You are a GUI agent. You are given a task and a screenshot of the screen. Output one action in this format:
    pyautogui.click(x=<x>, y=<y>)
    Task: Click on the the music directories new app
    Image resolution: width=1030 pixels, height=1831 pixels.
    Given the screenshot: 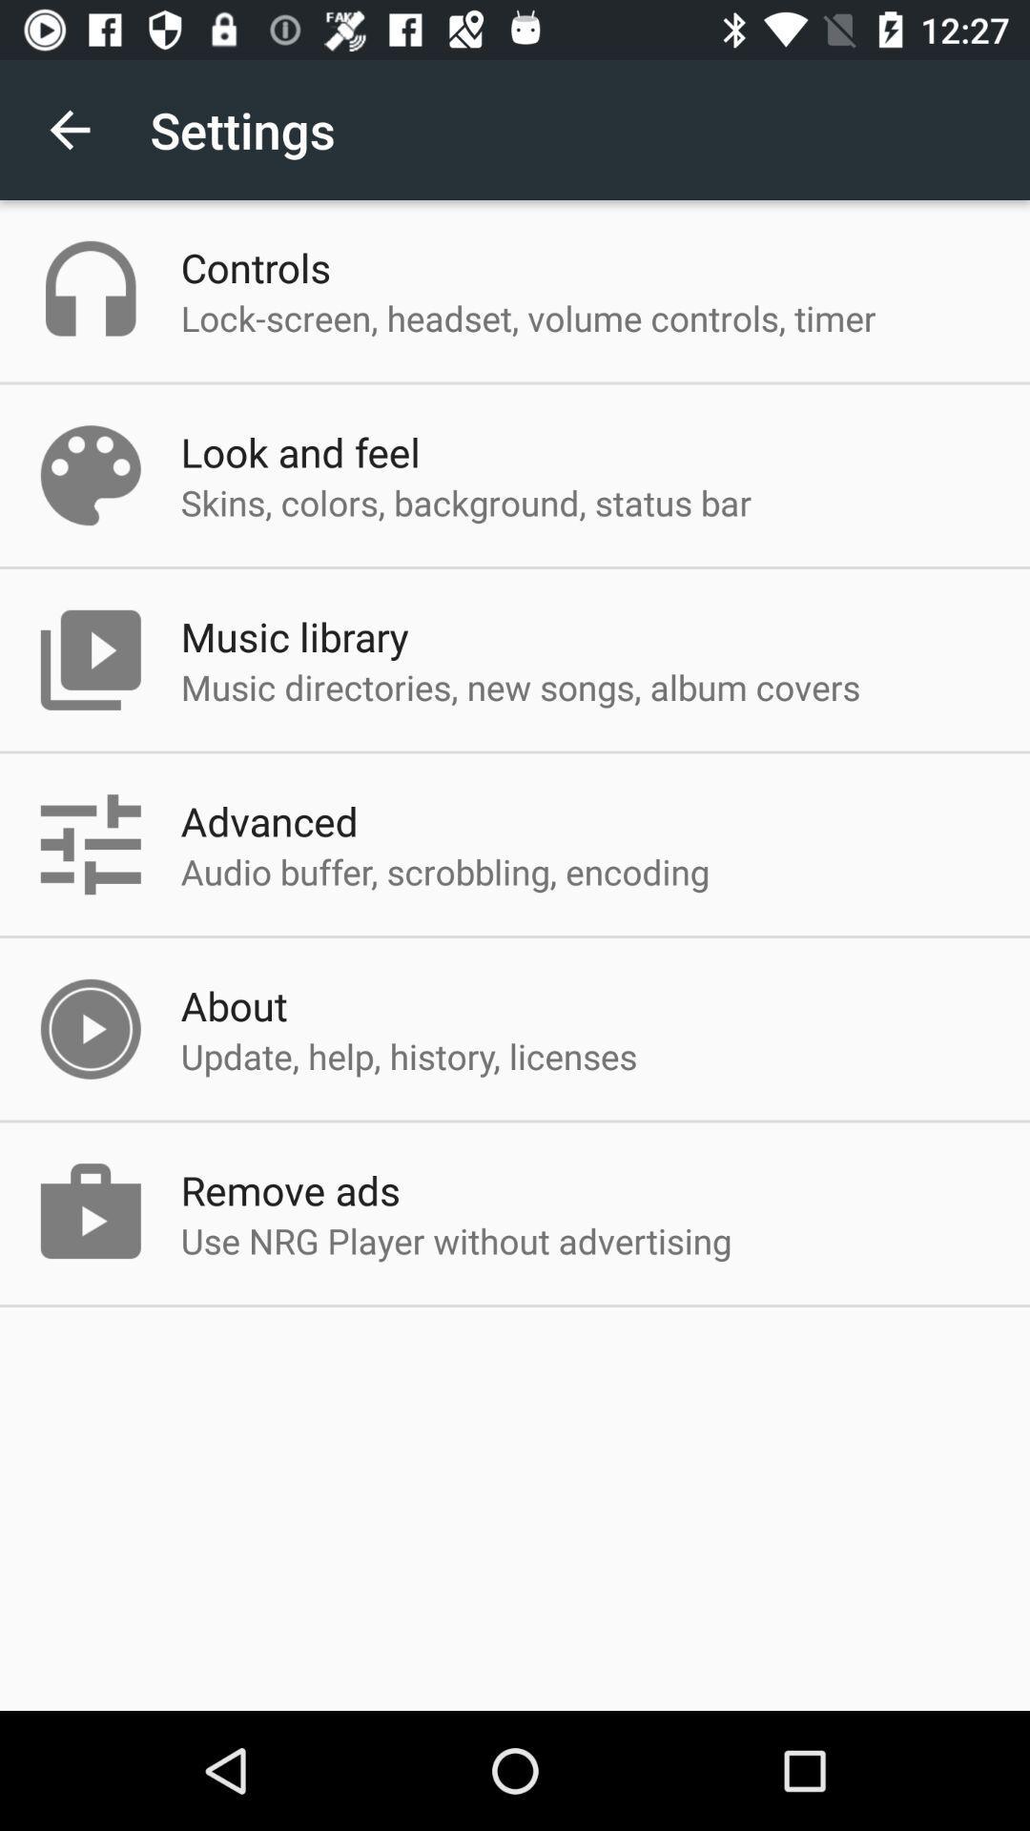 What is the action you would take?
    pyautogui.click(x=521, y=687)
    